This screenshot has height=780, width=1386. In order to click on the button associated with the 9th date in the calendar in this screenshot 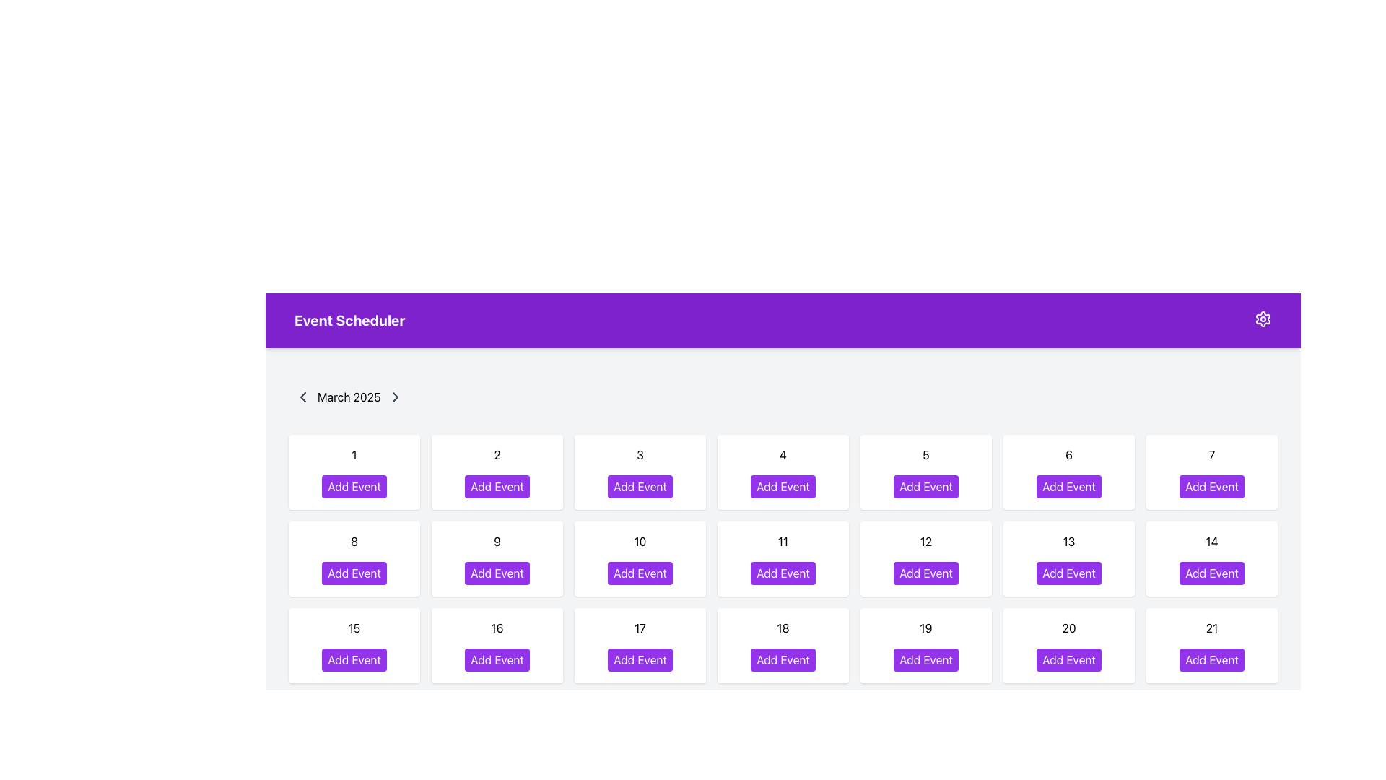, I will do `click(497, 558)`.